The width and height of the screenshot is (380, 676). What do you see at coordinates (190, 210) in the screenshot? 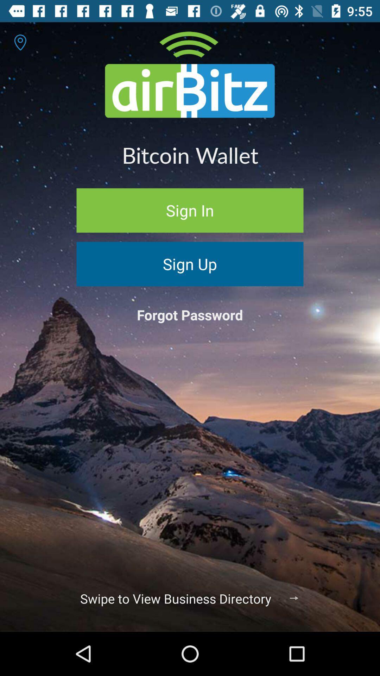
I see `the sign in item` at bounding box center [190, 210].